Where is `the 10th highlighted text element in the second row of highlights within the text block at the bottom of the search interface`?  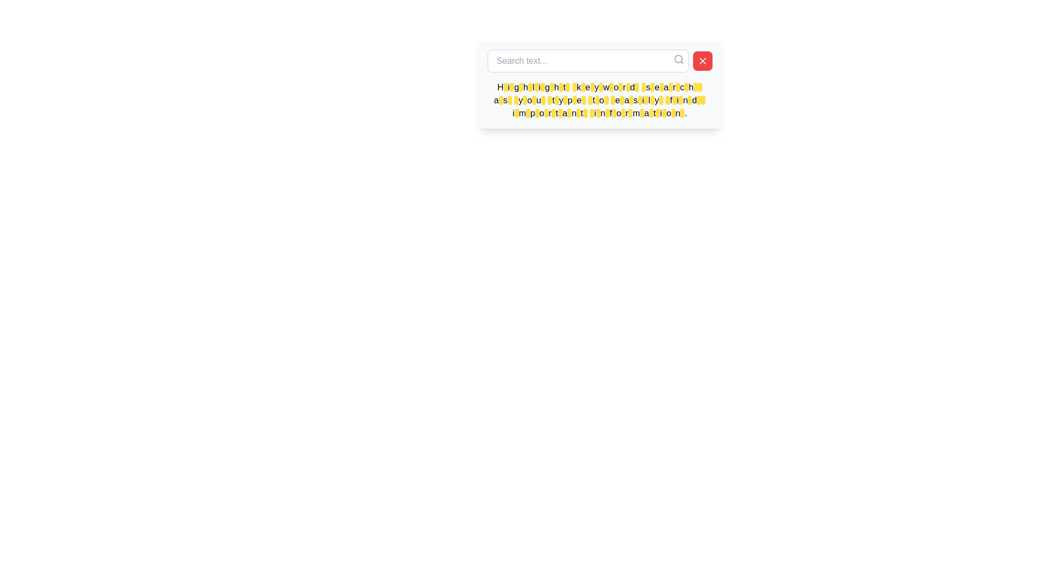
the 10th highlighted text element in the second row of highlights within the text block at the bottom of the search interface is located at coordinates (574, 100).